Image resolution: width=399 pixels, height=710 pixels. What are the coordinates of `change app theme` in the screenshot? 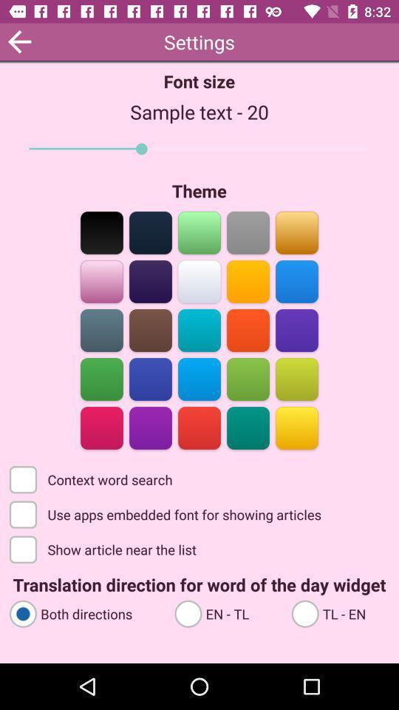 It's located at (248, 280).